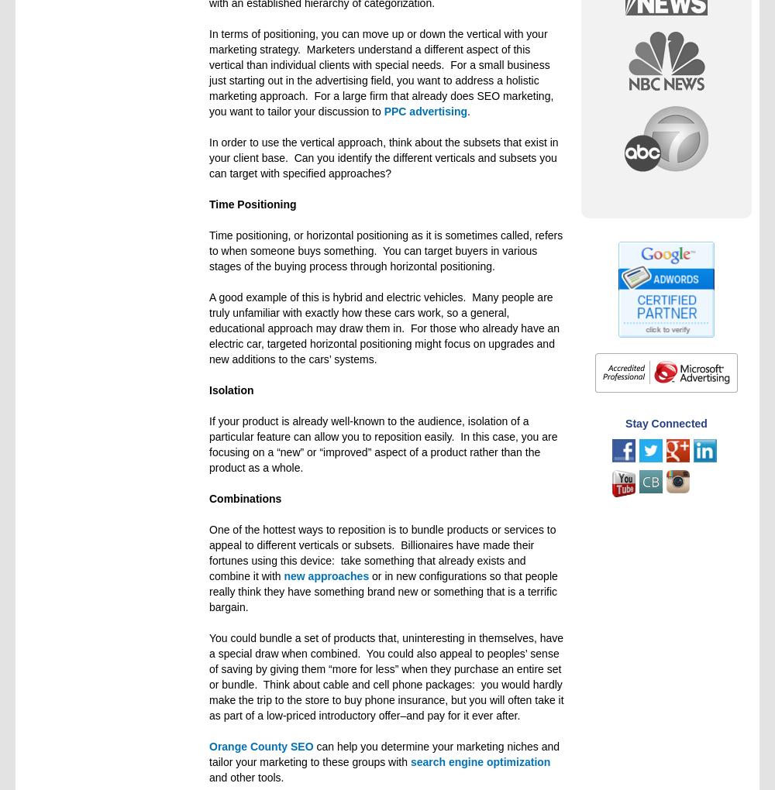 This screenshot has height=790, width=775. Describe the element at coordinates (425, 112) in the screenshot. I see `'PPC advertising'` at that location.